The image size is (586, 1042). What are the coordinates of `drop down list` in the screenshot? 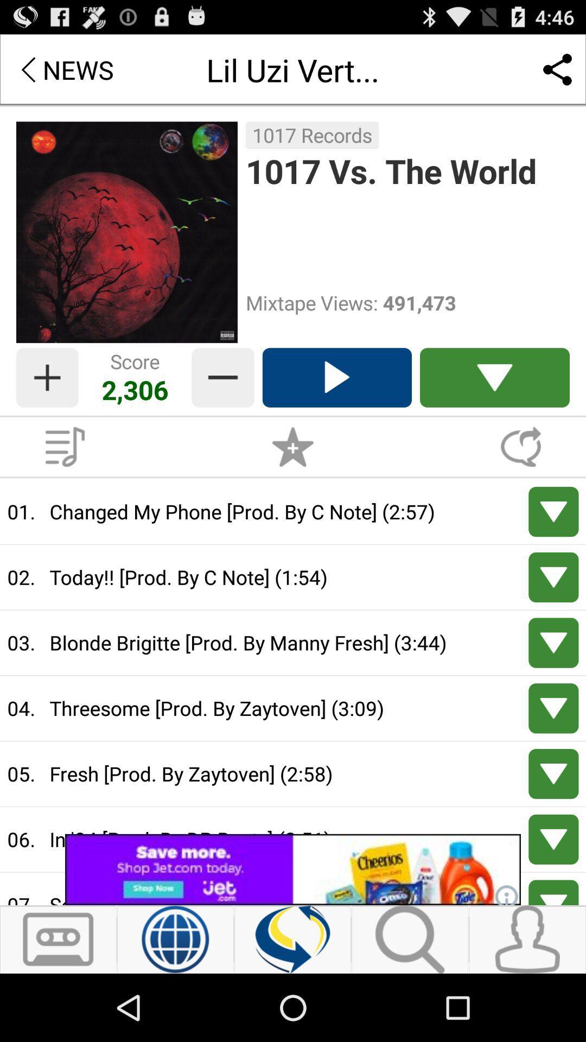 It's located at (494, 378).